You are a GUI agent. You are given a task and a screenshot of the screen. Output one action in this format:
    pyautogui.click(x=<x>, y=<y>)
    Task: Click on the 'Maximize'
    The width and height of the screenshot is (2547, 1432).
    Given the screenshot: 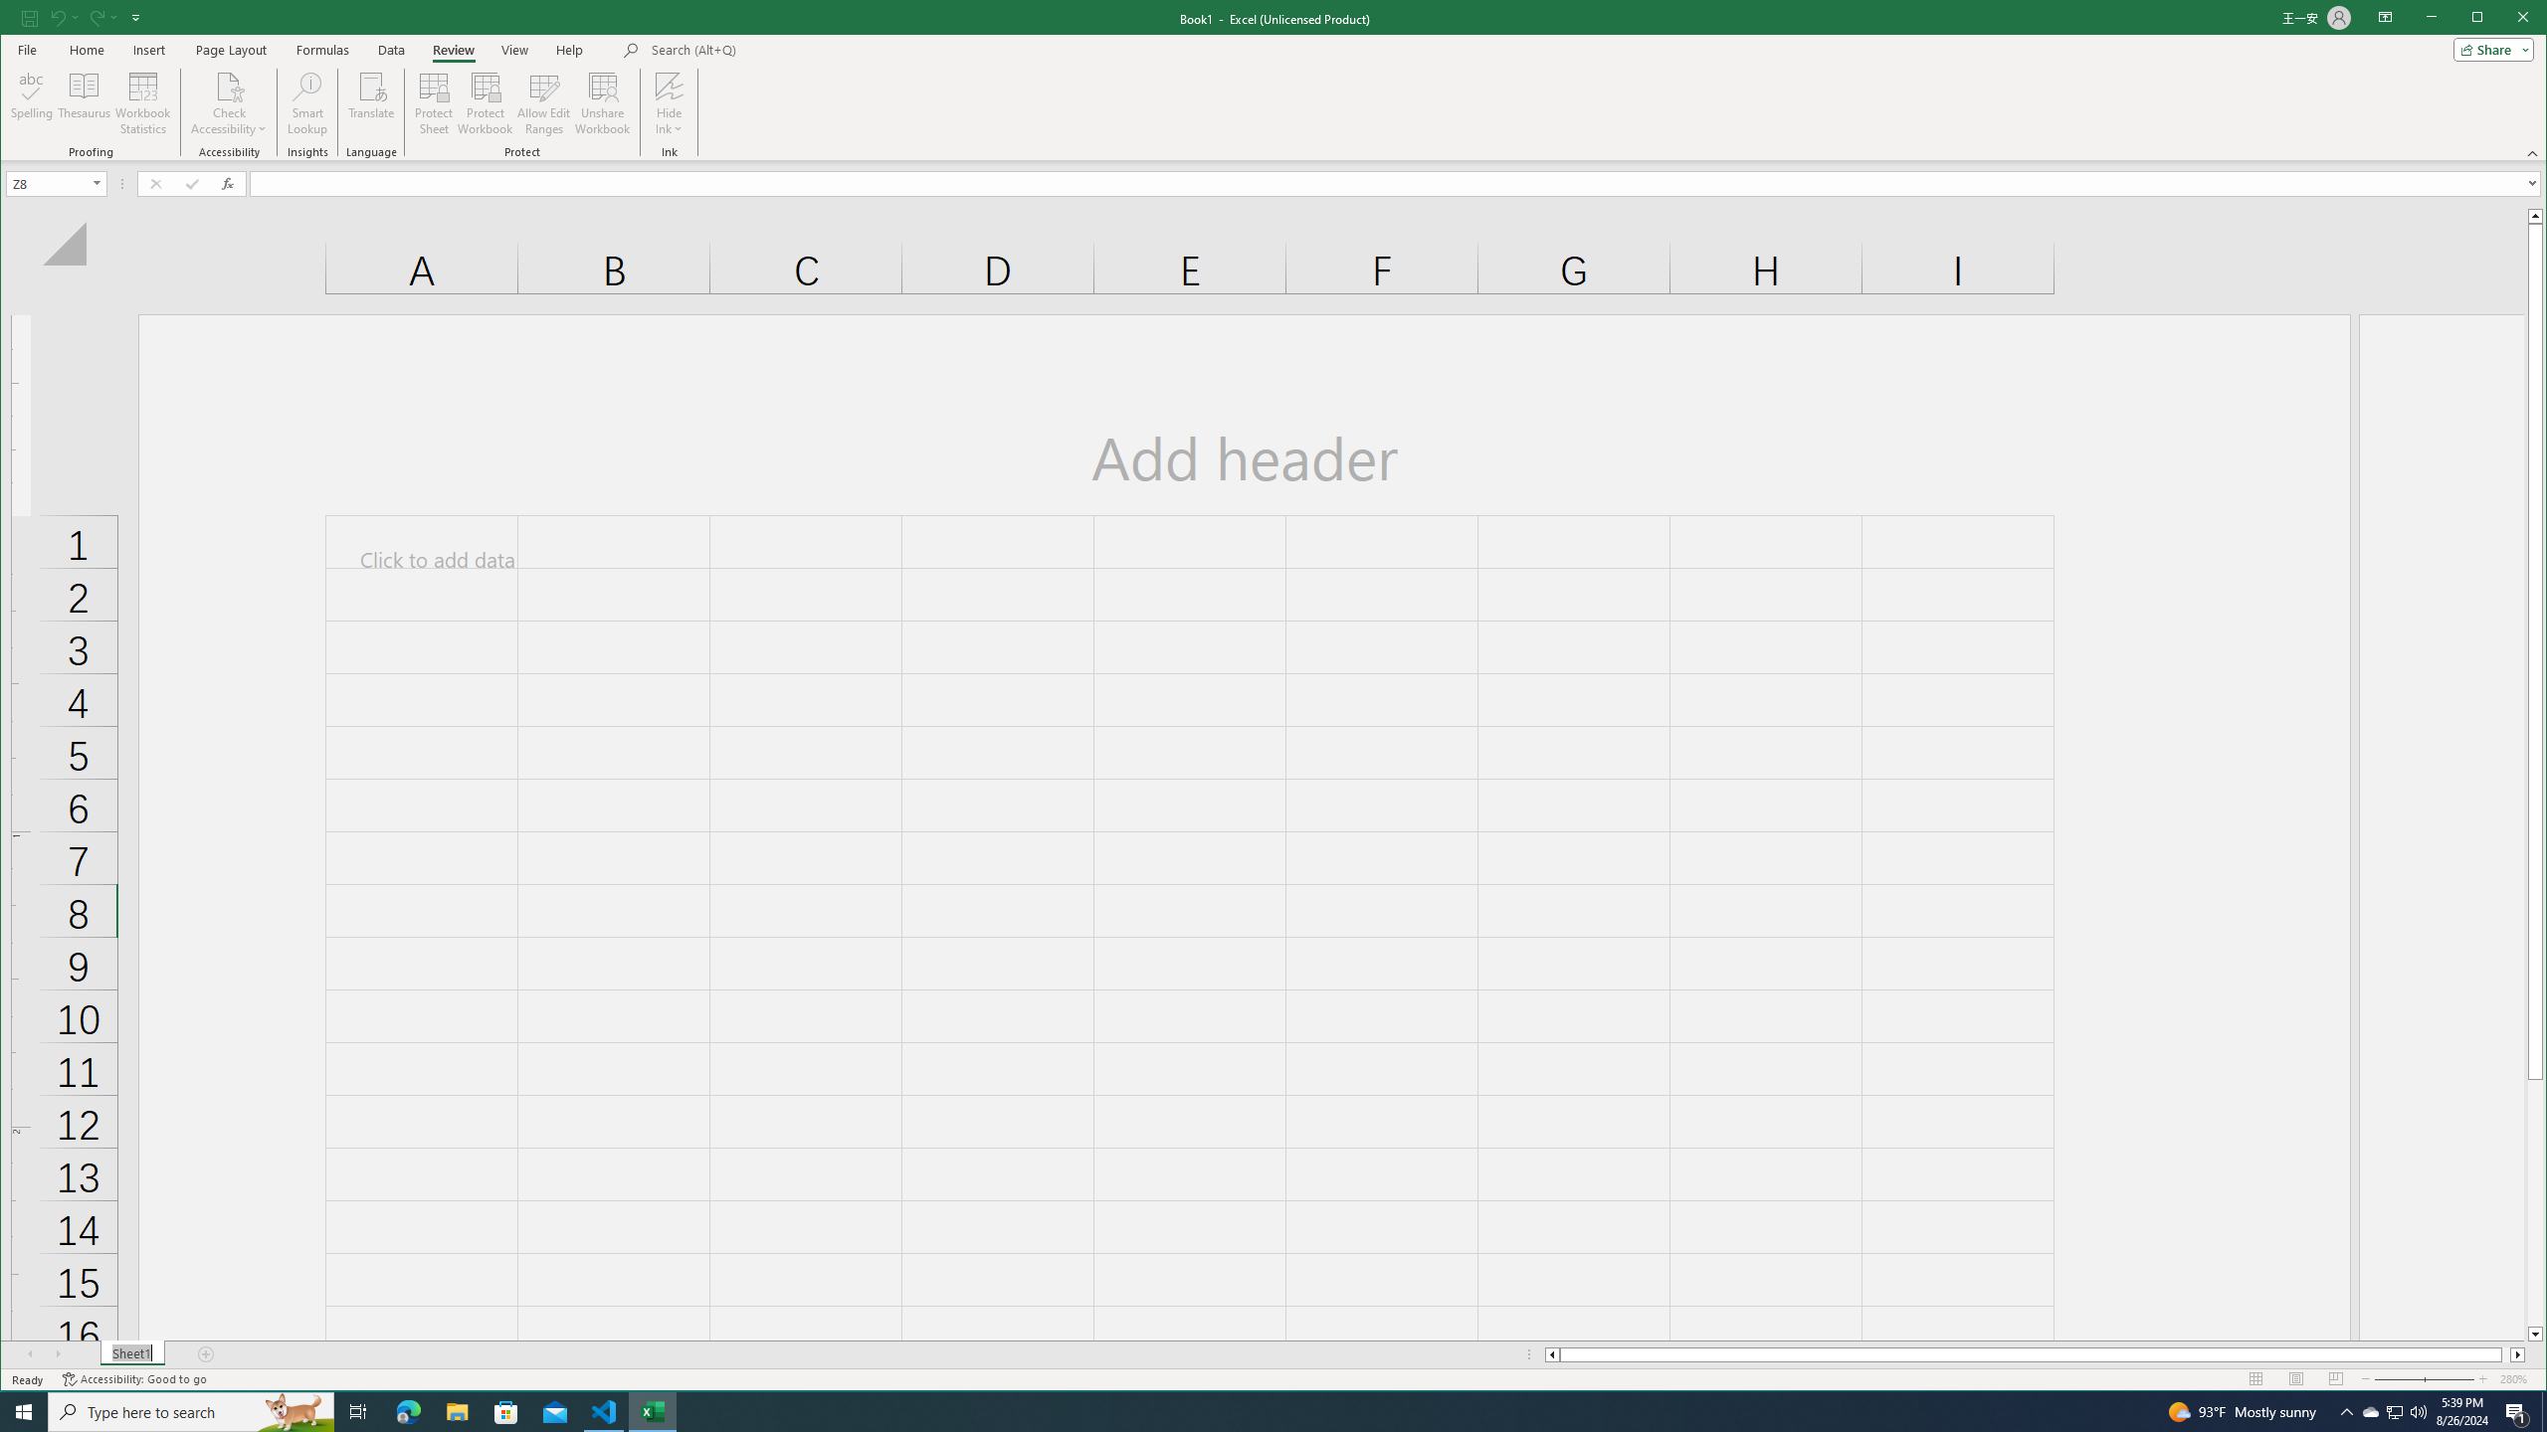 What is the action you would take?
    pyautogui.click(x=2506, y=19)
    